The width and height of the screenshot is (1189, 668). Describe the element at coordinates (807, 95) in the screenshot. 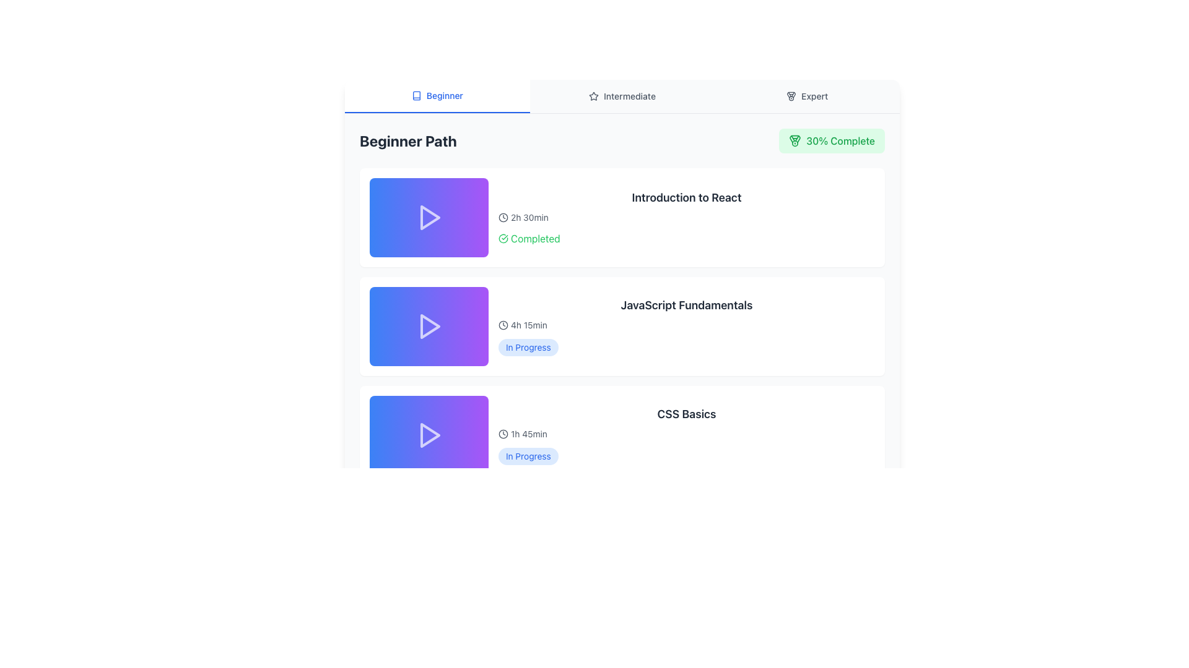

I see `the 'Expert' button, the third button in a sequence of three labeled 'Beginner', 'Intermediate', and 'Expert'` at that location.